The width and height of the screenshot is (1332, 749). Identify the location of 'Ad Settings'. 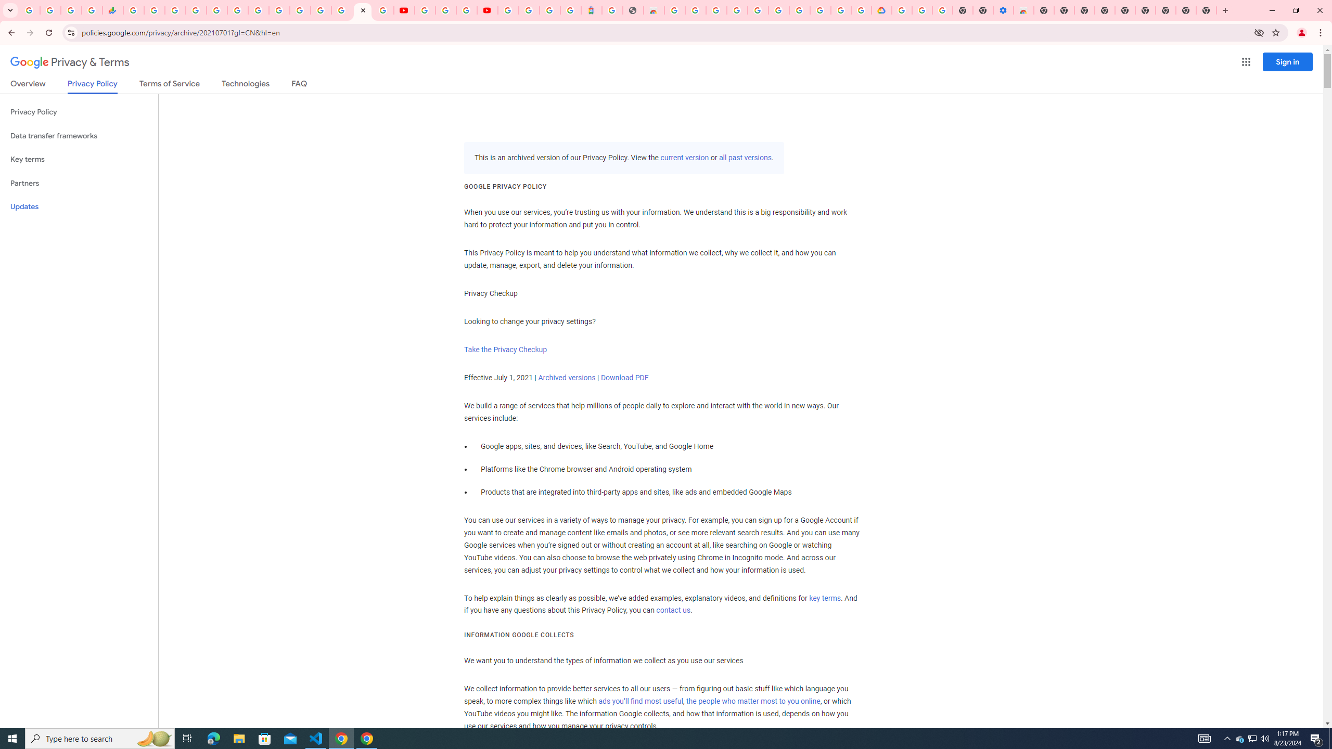
(736, 10).